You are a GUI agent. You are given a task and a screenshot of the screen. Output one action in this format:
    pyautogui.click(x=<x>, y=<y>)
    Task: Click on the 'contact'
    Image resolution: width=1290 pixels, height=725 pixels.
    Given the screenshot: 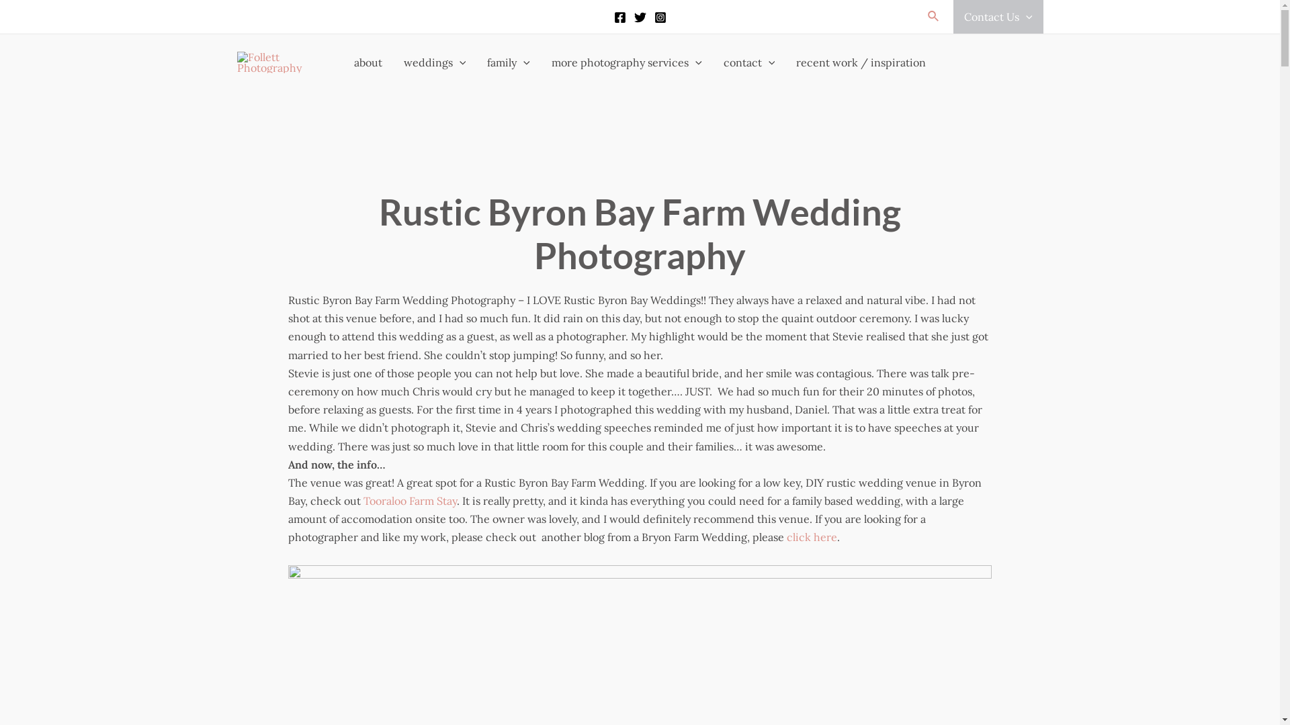 What is the action you would take?
    pyautogui.click(x=748, y=62)
    